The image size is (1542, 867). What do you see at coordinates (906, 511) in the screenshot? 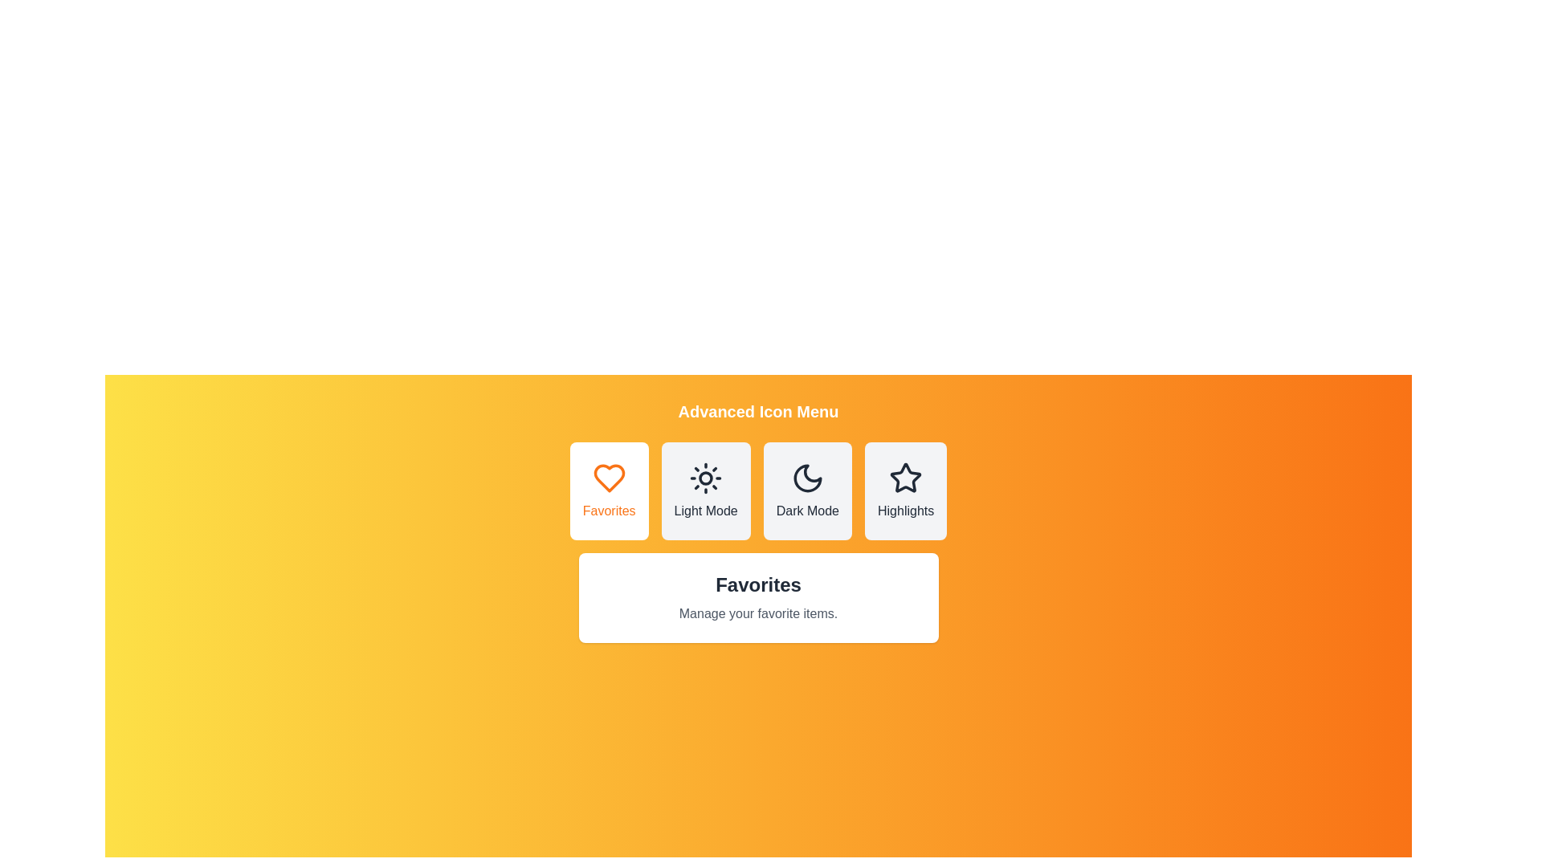
I see `text label that provides context for the 'Highlights' feature, located under the fourth item in the horizontal menu` at bounding box center [906, 511].